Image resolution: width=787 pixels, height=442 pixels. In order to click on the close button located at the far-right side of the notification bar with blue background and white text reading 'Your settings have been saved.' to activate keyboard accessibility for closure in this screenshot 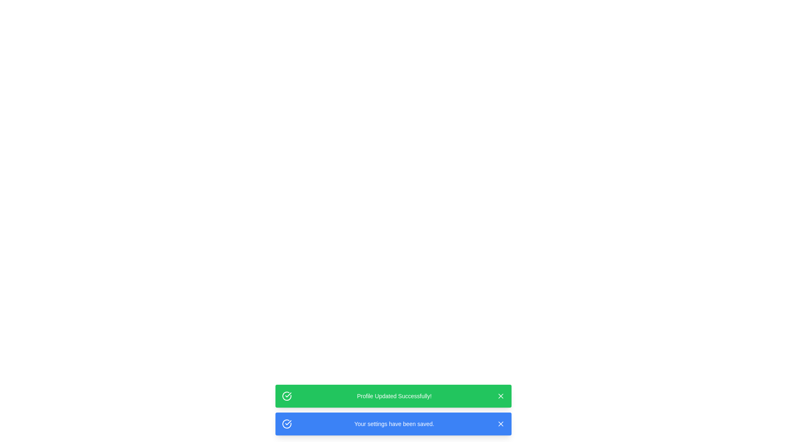, I will do `click(500, 424)`.